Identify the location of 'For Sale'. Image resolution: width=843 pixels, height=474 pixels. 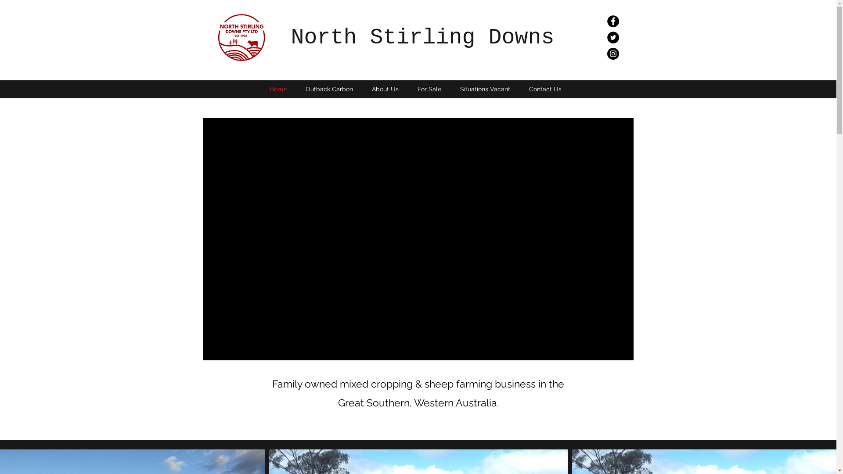
(408, 89).